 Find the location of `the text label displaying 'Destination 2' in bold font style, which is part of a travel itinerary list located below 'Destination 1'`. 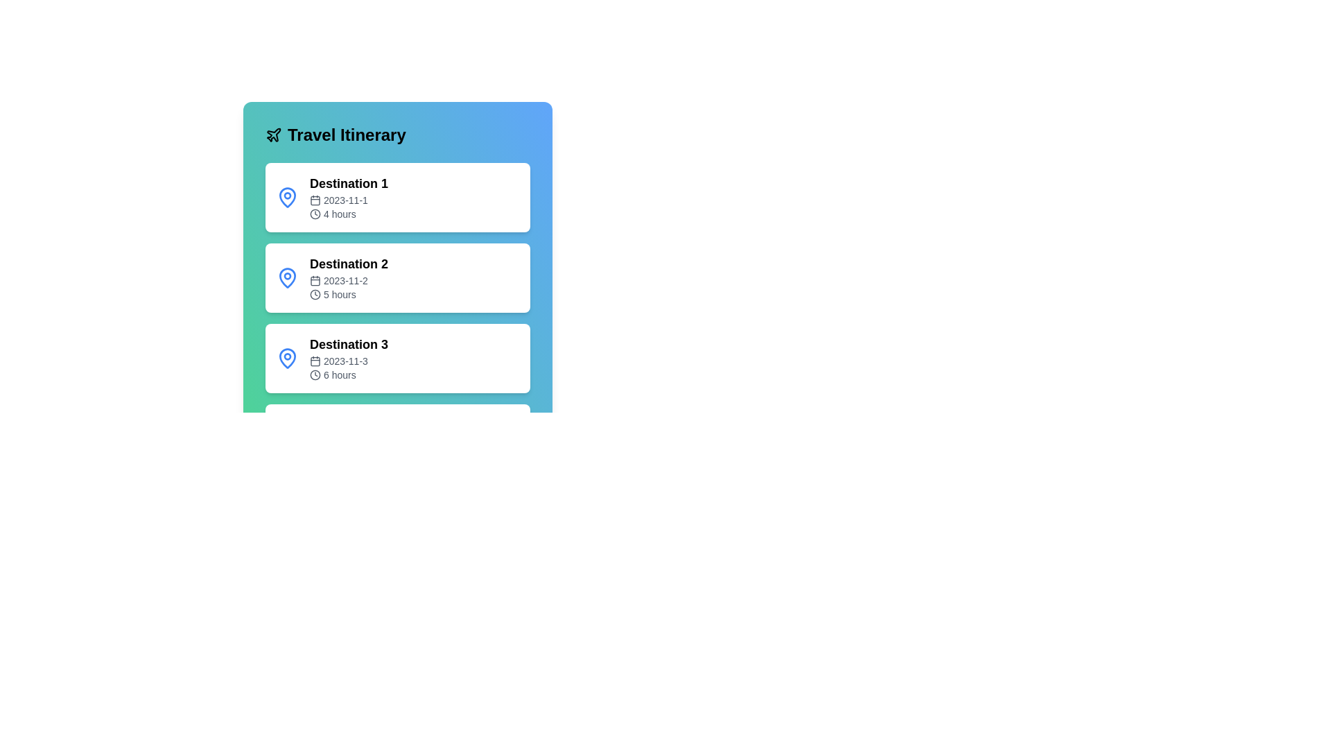

the text label displaying 'Destination 2' in bold font style, which is part of a travel itinerary list located below 'Destination 1' is located at coordinates (349, 264).